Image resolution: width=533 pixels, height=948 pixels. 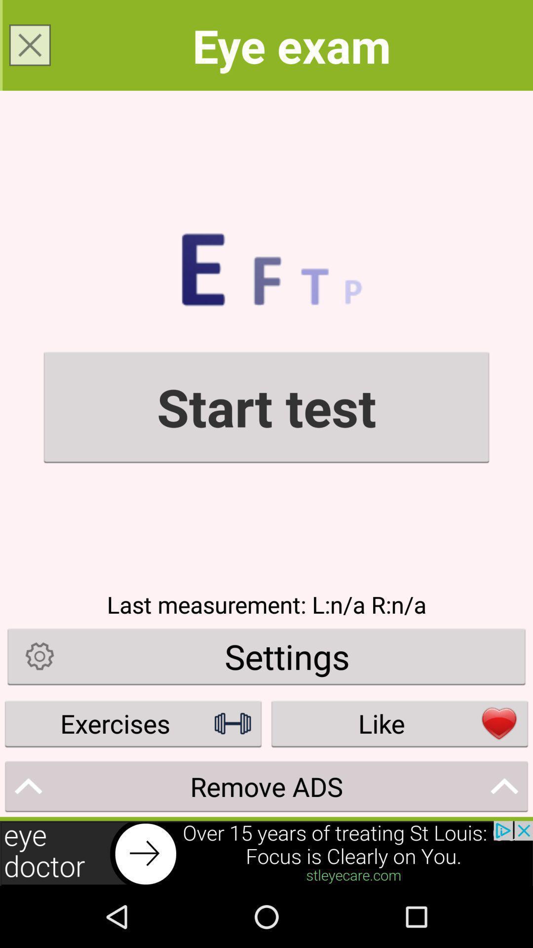 What do you see at coordinates (29, 44) in the screenshot?
I see `page` at bounding box center [29, 44].